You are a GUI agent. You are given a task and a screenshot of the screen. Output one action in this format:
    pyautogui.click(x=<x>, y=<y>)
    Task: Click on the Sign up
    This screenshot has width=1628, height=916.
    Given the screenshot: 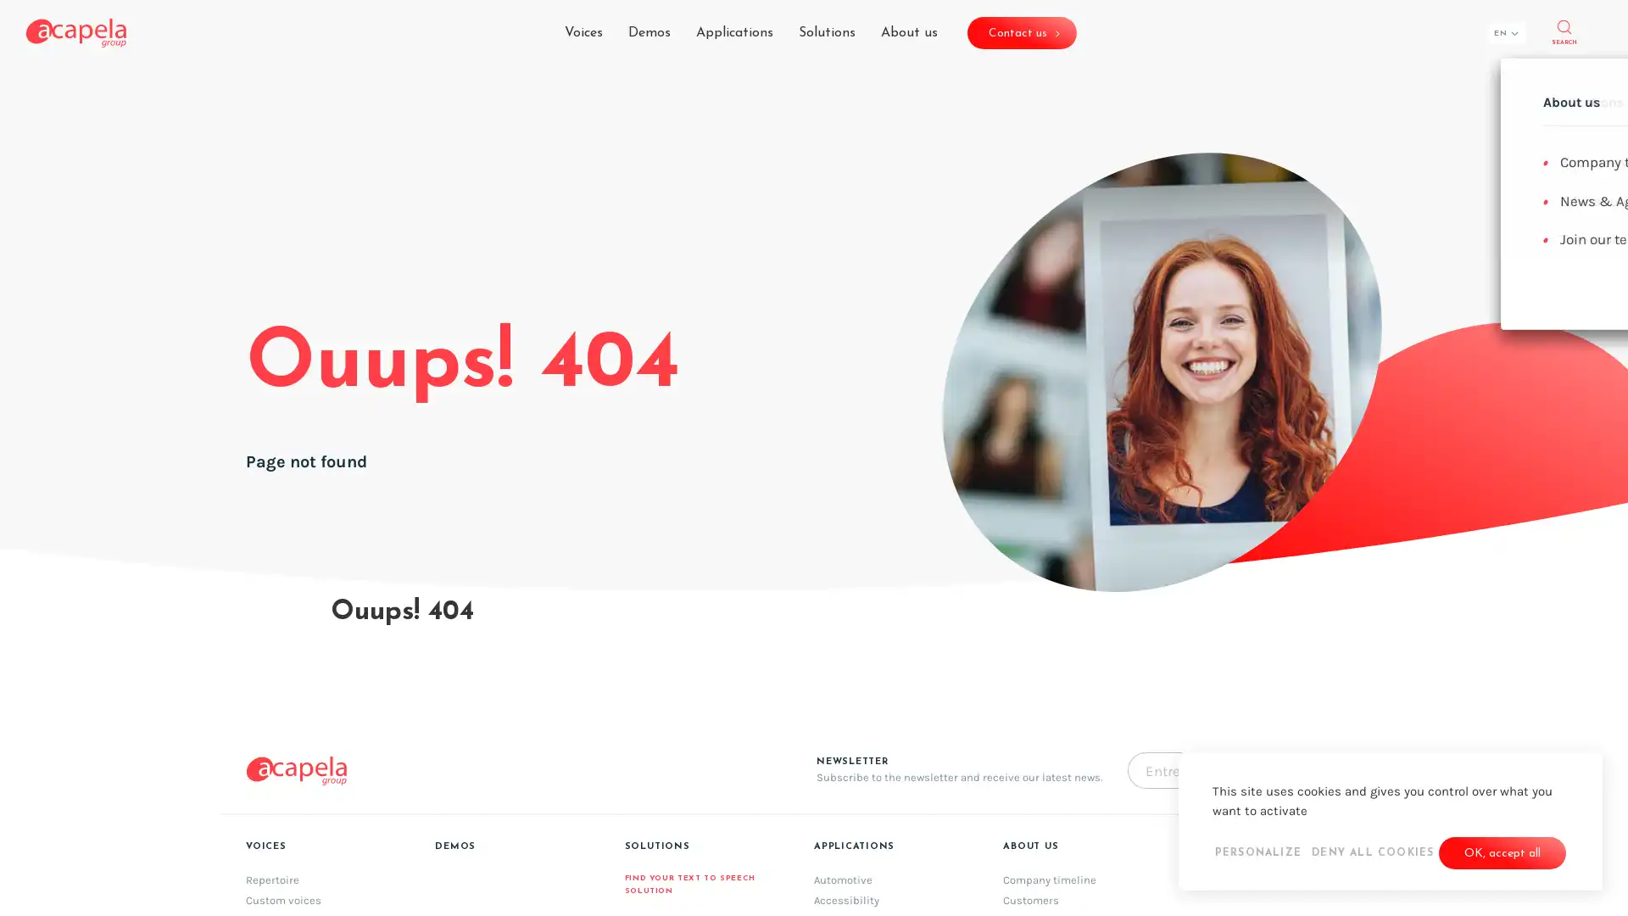 What is the action you would take?
    pyautogui.click(x=1007, y=578)
    